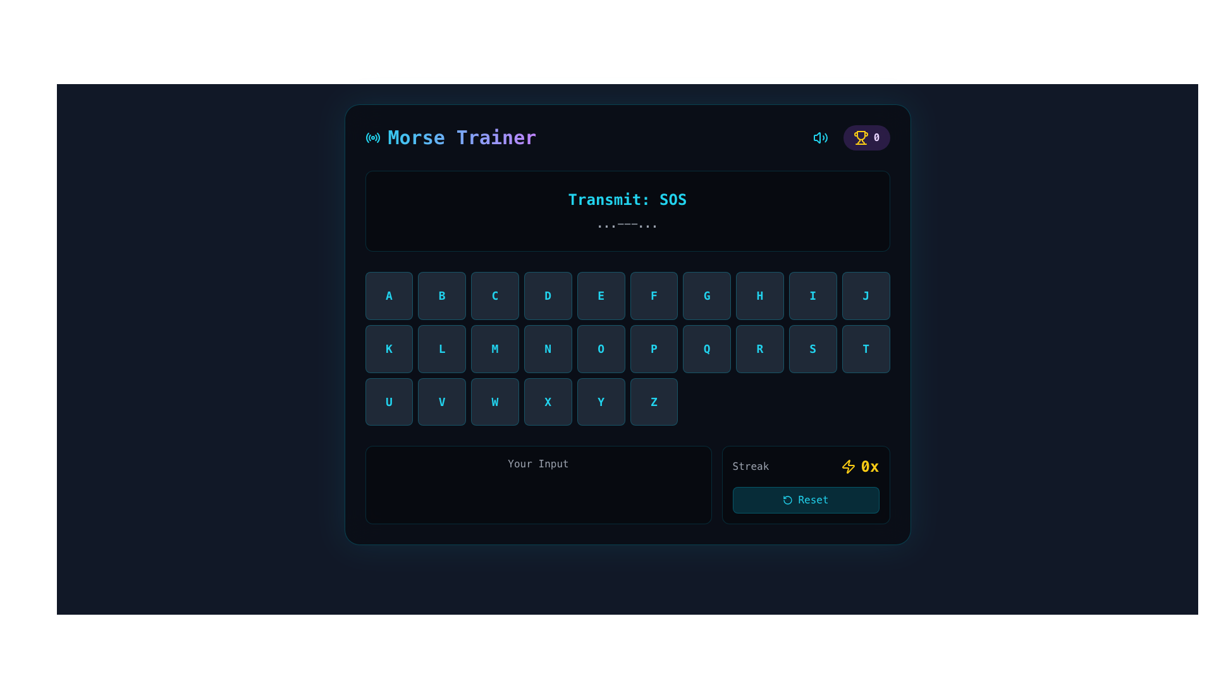  I want to click on the square button displaying the letter 'V' in cyan on a dark gray background, so click(442, 402).